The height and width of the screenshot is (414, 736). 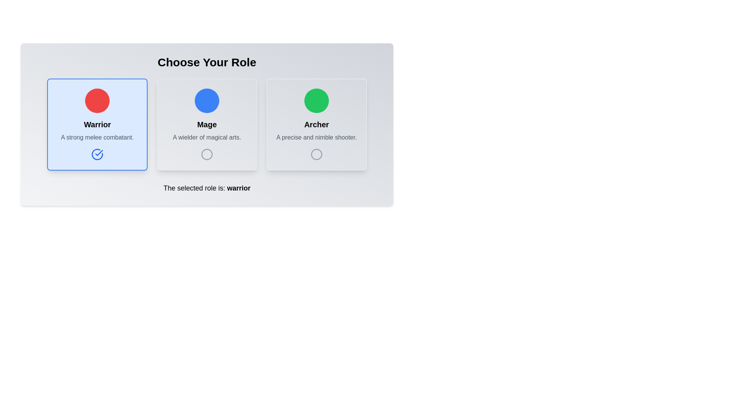 What do you see at coordinates (207, 154) in the screenshot?
I see `the 'Mage' role graphic icon by` at bounding box center [207, 154].